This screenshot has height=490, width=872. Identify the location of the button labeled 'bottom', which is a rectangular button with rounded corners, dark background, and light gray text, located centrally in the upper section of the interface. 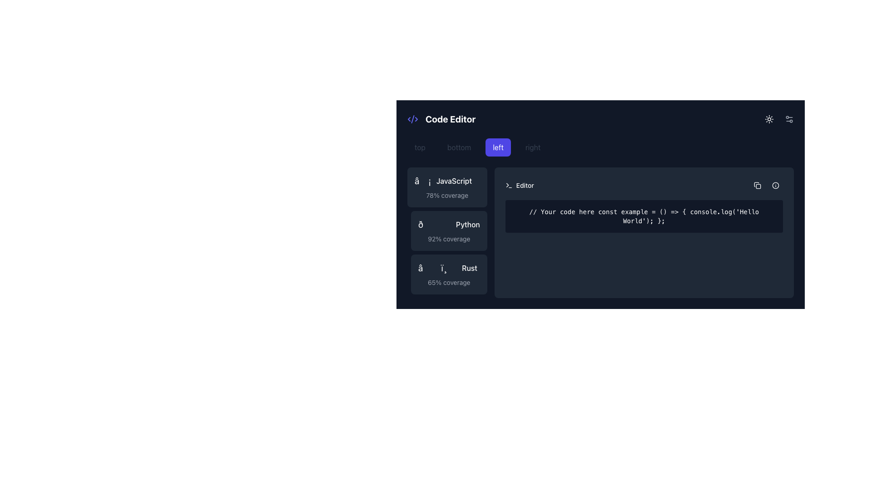
(459, 147).